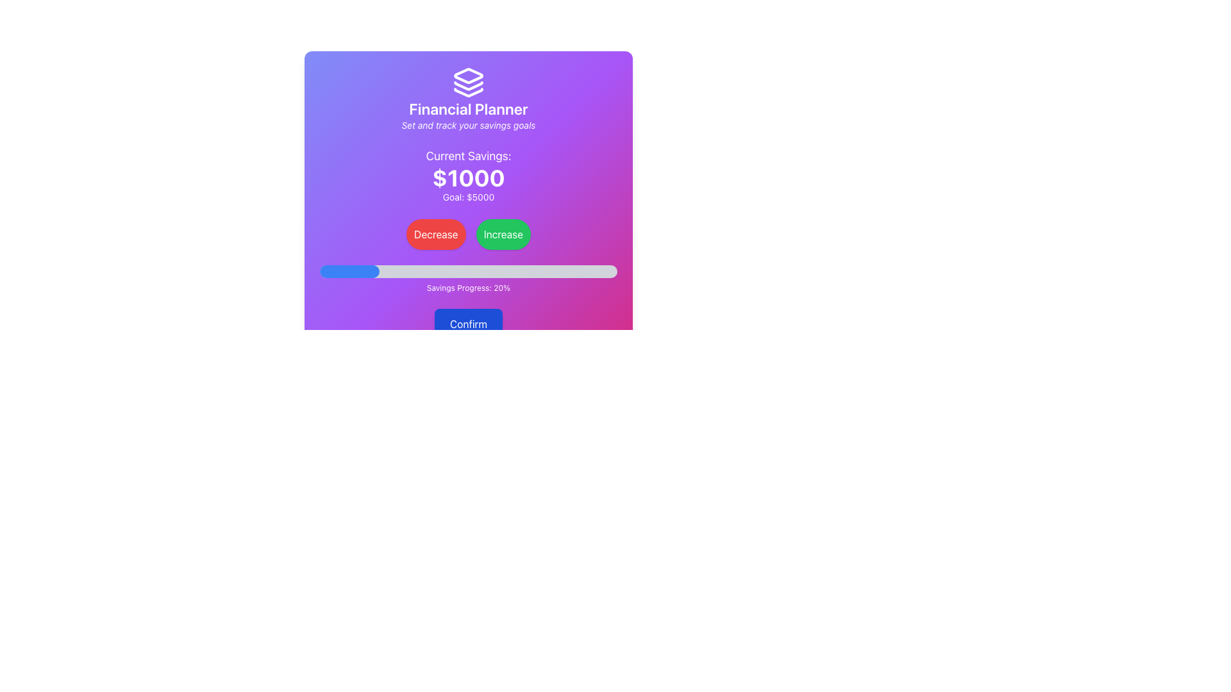  What do you see at coordinates (467, 197) in the screenshot?
I see `the text label displaying 'Goal: $5000', which is styled with a small font and located below the '$1000' text in the financial goal display section` at bounding box center [467, 197].